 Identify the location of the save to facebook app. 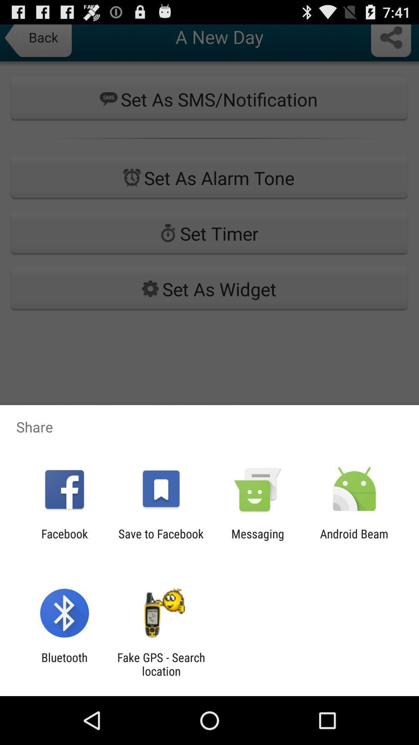
(161, 540).